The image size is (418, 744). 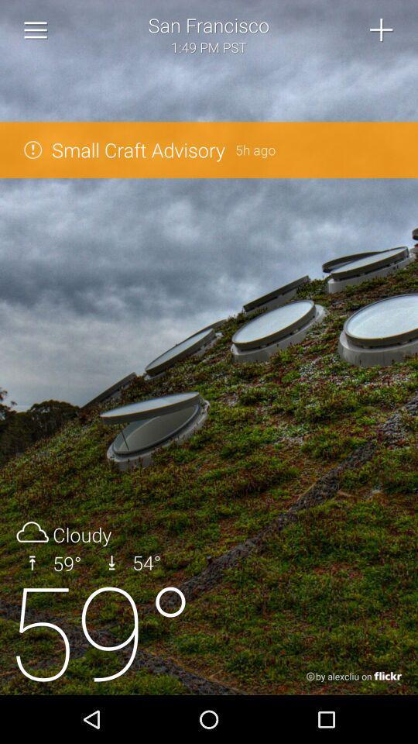 I want to click on the add icon, so click(x=381, y=31).